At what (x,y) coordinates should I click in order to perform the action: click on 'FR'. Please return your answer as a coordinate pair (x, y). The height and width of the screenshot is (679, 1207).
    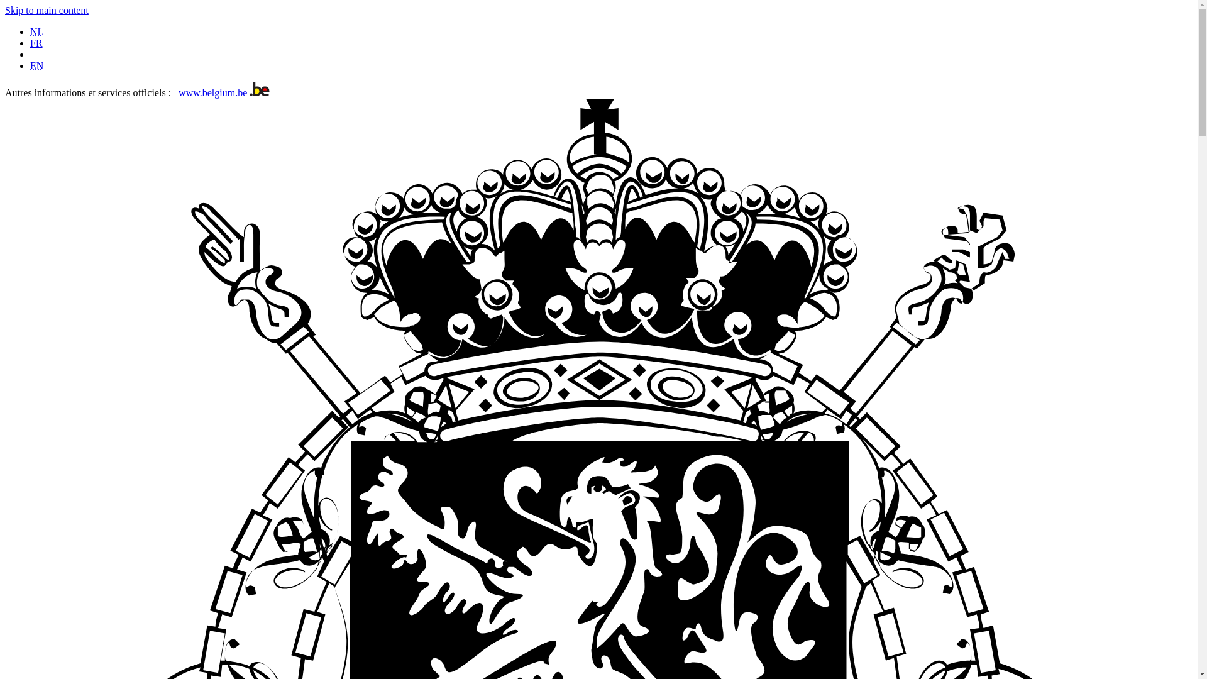
    Looking at the image, I should click on (36, 42).